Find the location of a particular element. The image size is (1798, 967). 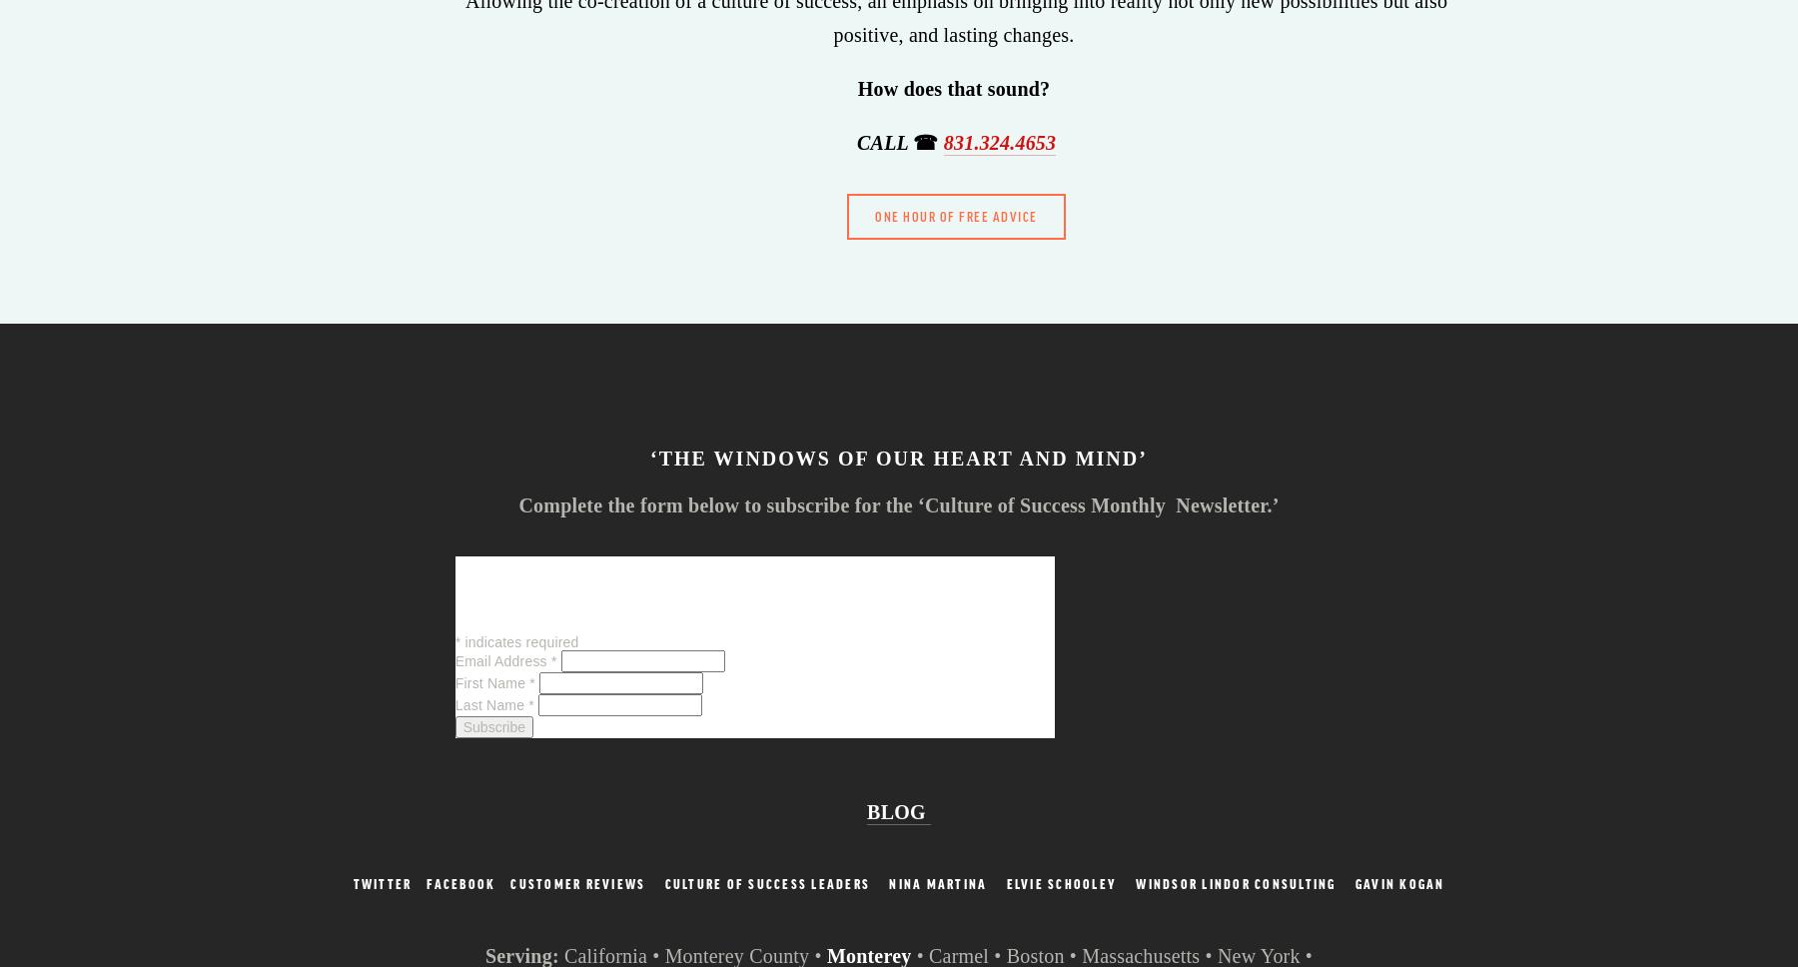

'Twitter' is located at coordinates (382, 882).